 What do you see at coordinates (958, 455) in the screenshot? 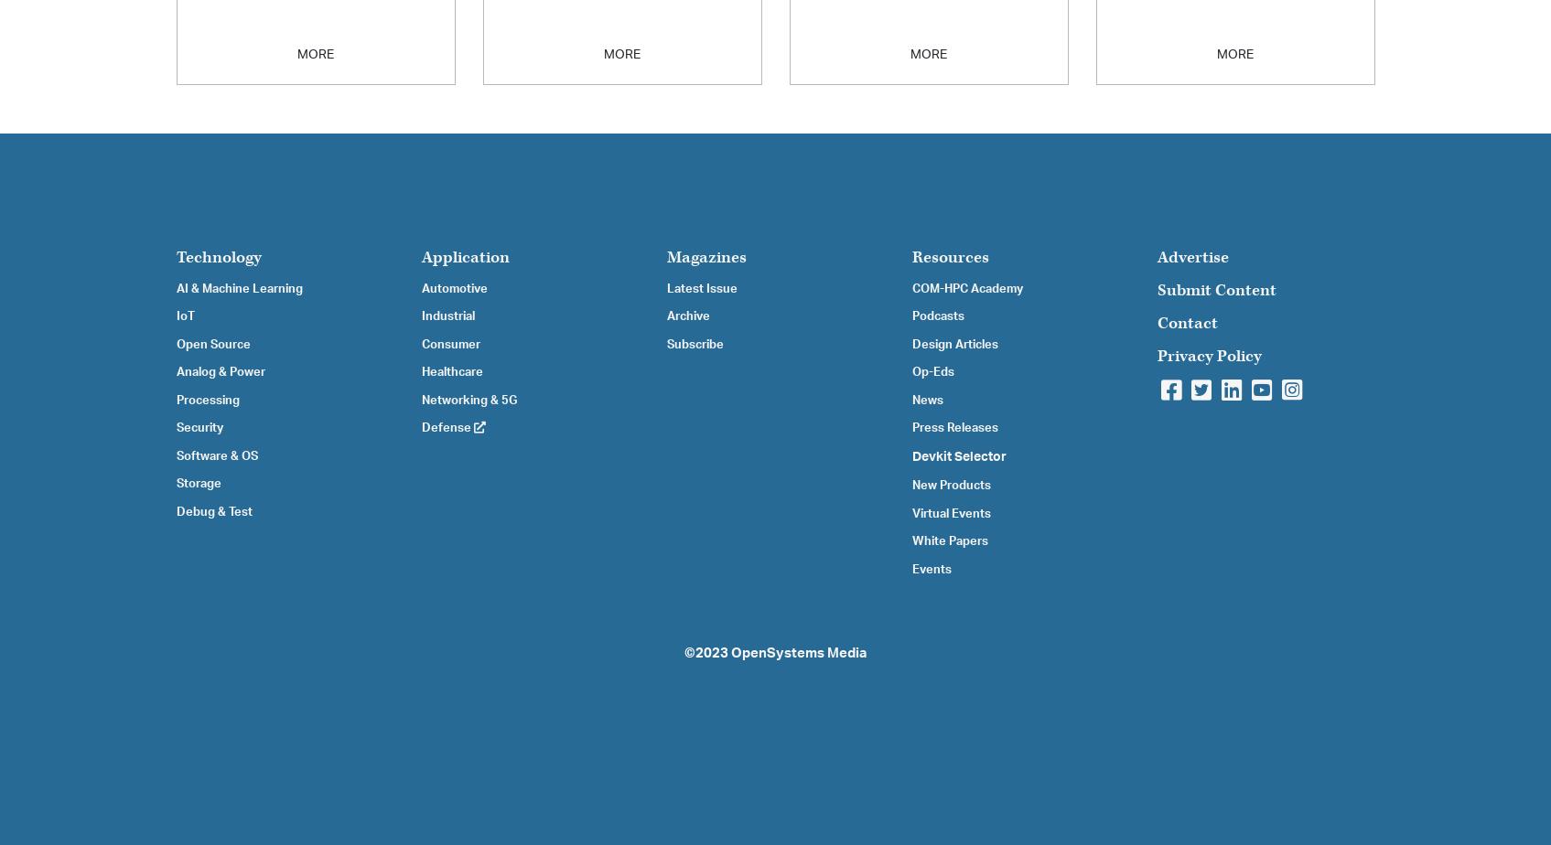
I see `'Devkit Selector'` at bounding box center [958, 455].